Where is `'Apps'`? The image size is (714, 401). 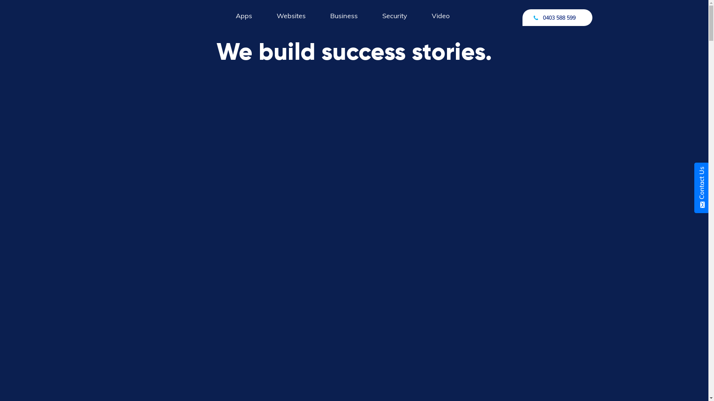 'Apps' is located at coordinates (244, 22).